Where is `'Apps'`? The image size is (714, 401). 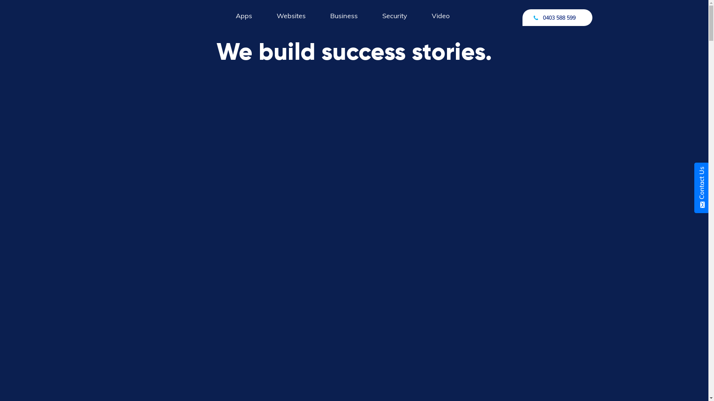 'Apps' is located at coordinates (244, 22).